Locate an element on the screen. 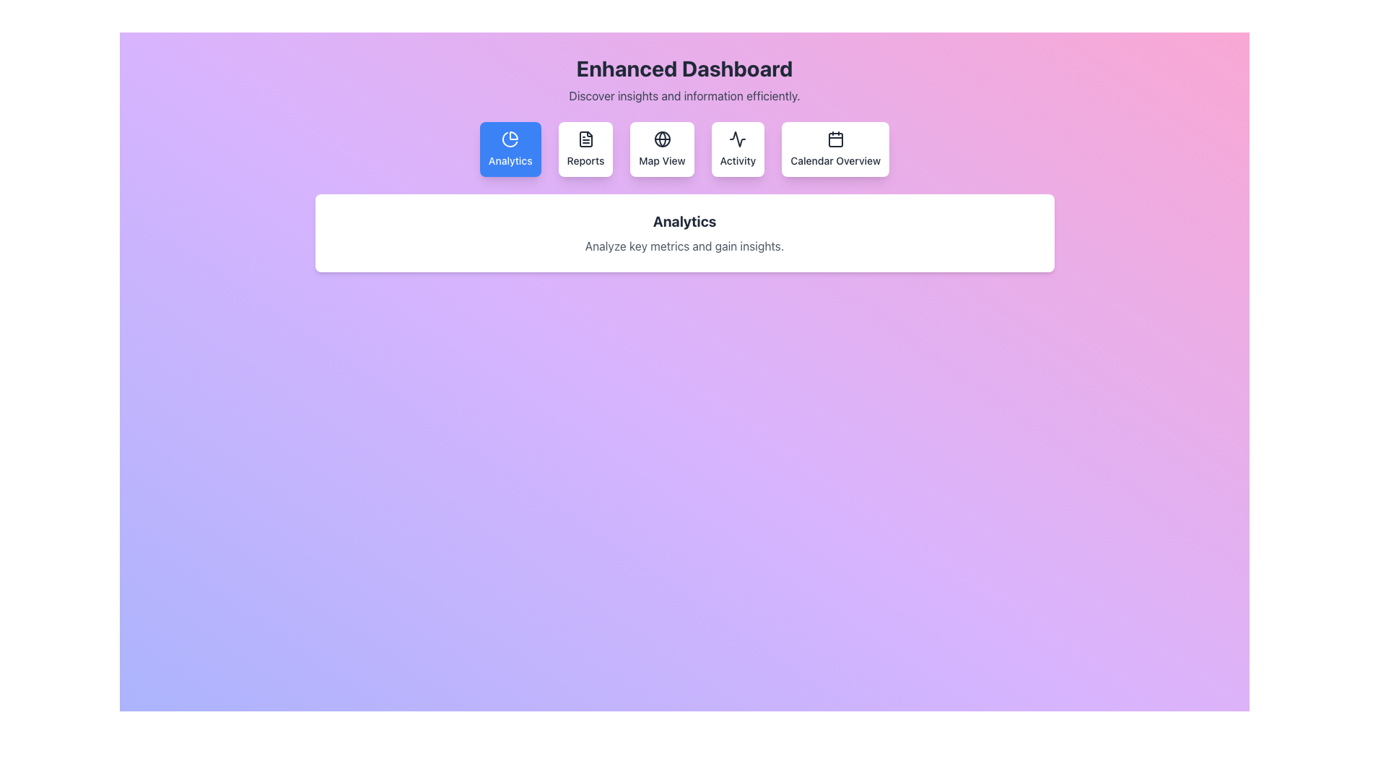 This screenshot has height=780, width=1386. the minimalist calendar icon located at the far right of the 'Calendar Overview' card beneath the 'Enhanced Dashboard' heading is located at coordinates (835, 139).